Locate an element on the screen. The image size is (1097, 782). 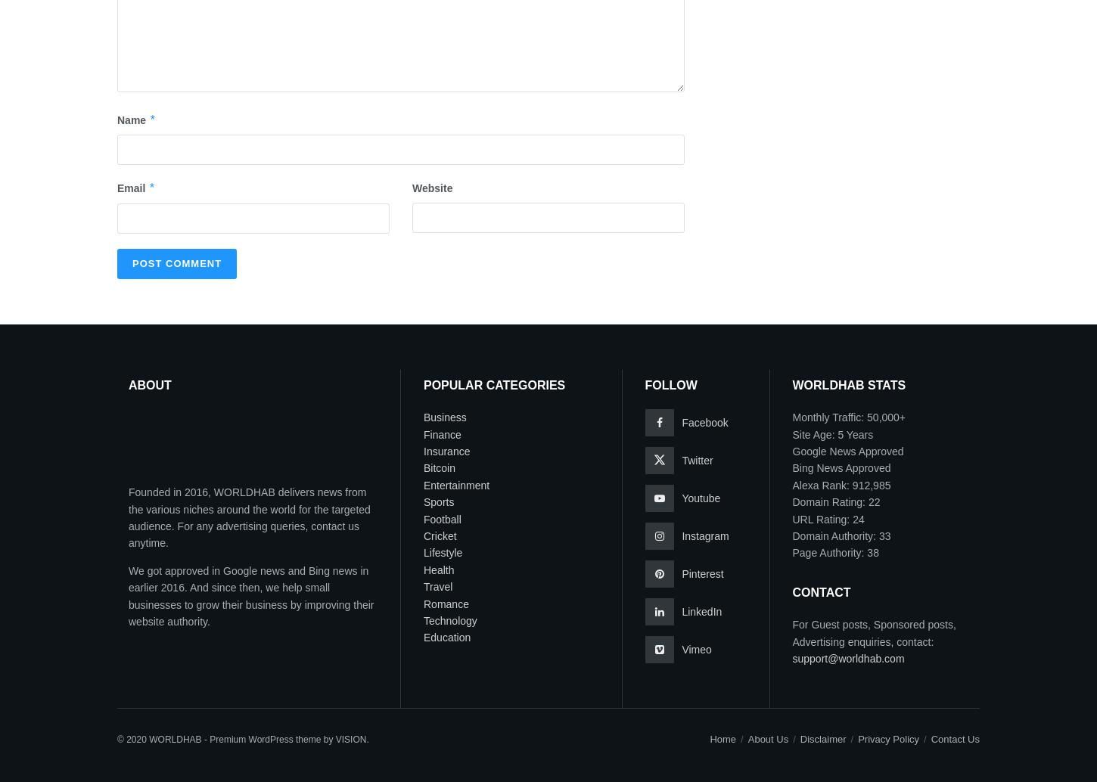
'Contact Us' is located at coordinates (955, 738).